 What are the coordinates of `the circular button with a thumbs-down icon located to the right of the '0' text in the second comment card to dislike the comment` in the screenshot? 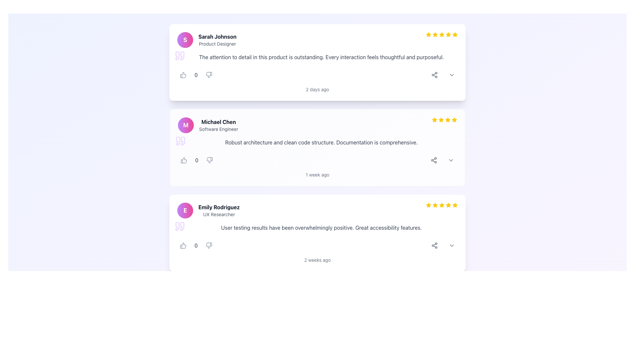 It's located at (209, 160).